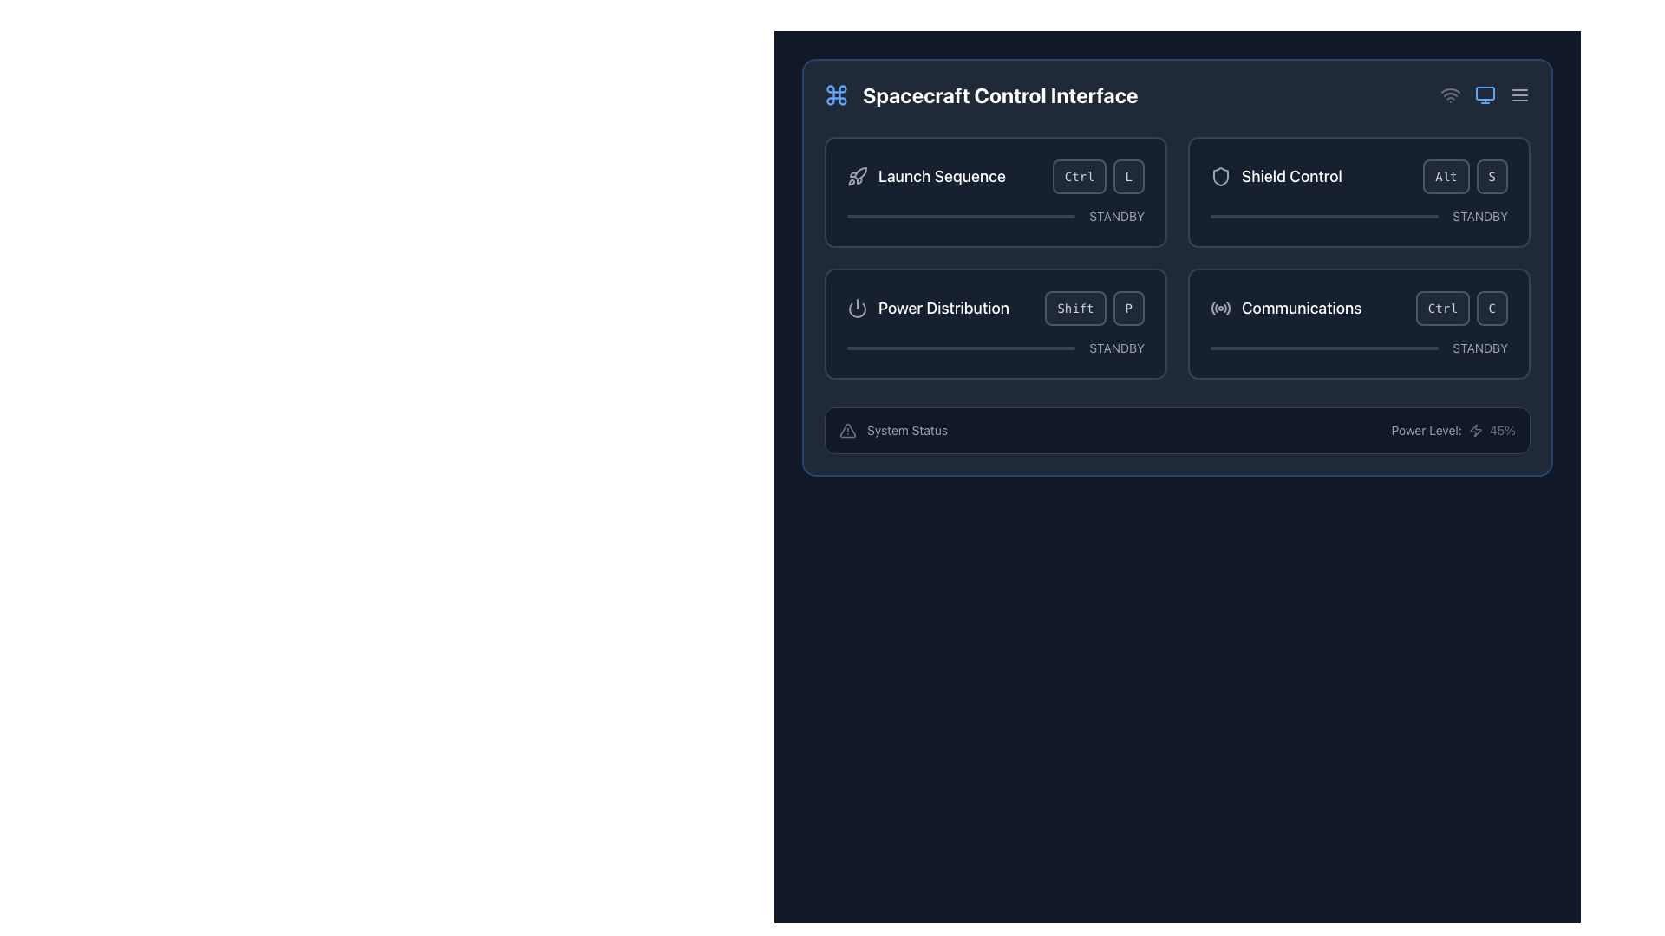 The width and height of the screenshot is (1665, 936). Describe the element at coordinates (1501, 430) in the screenshot. I see `the current power level displayed as a percentage in the text display located at the bottom right of the control box` at that location.